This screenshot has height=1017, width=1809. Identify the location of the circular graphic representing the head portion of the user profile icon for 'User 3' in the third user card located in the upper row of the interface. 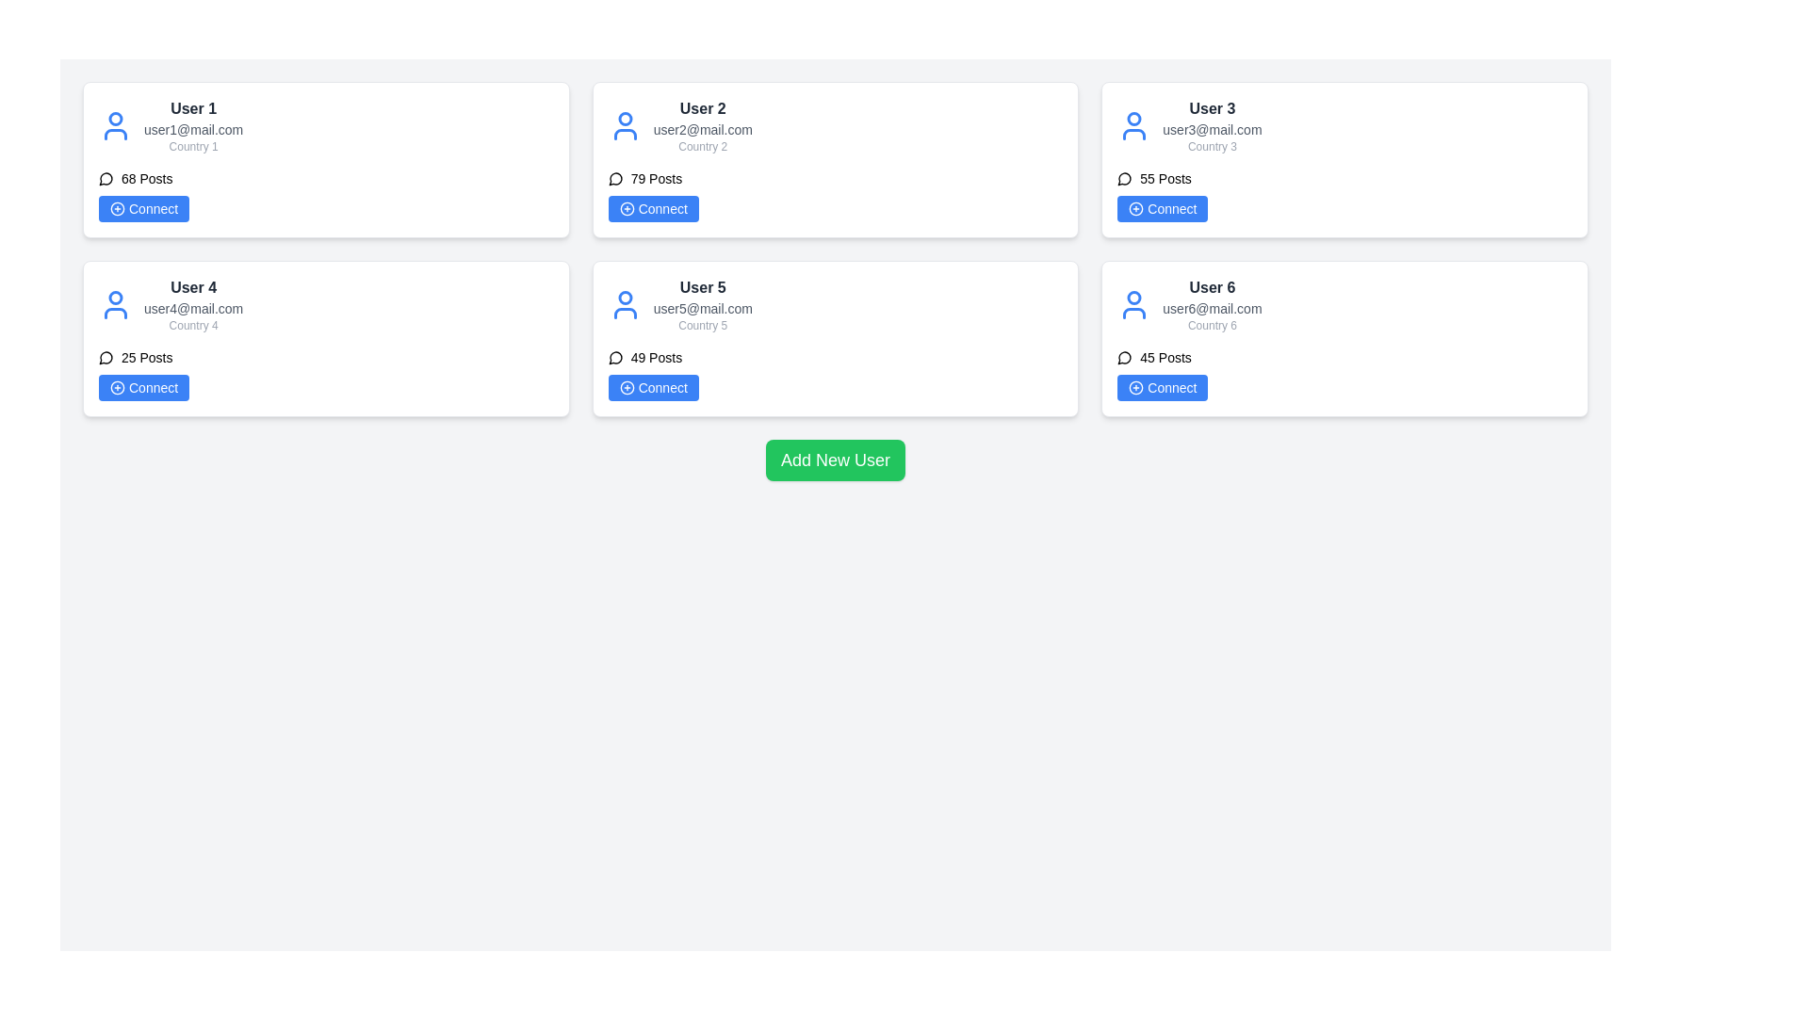
(1133, 119).